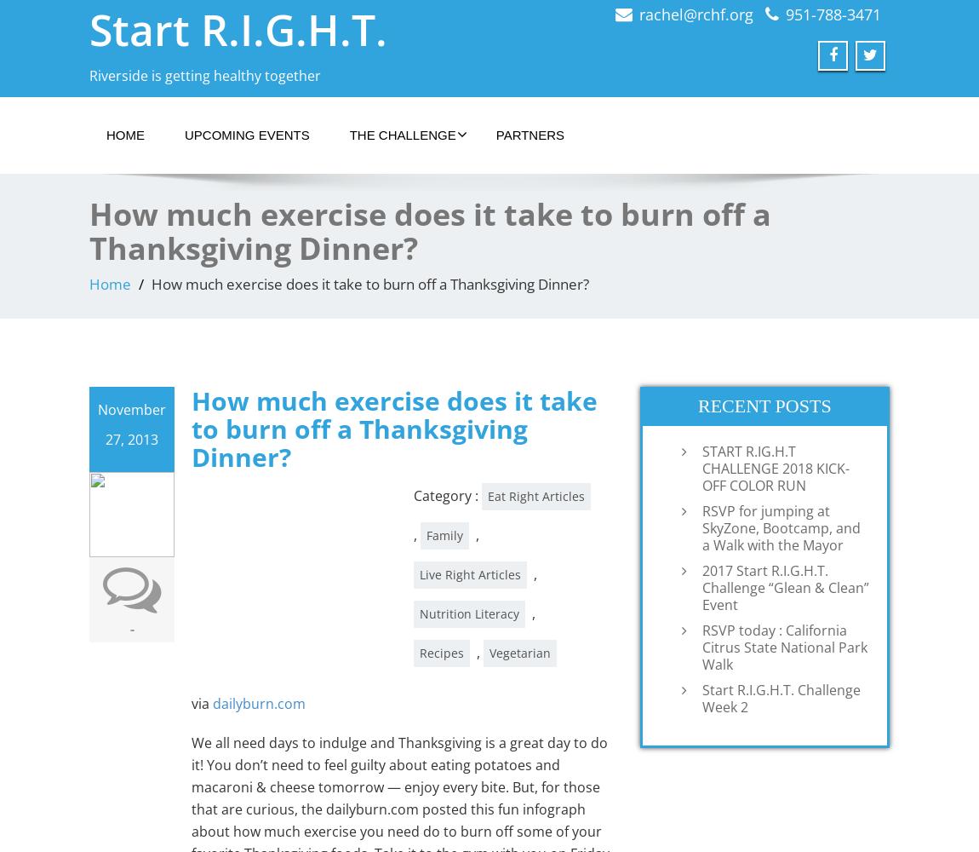 The image size is (979, 852). What do you see at coordinates (764, 404) in the screenshot?
I see `'Recent Posts'` at bounding box center [764, 404].